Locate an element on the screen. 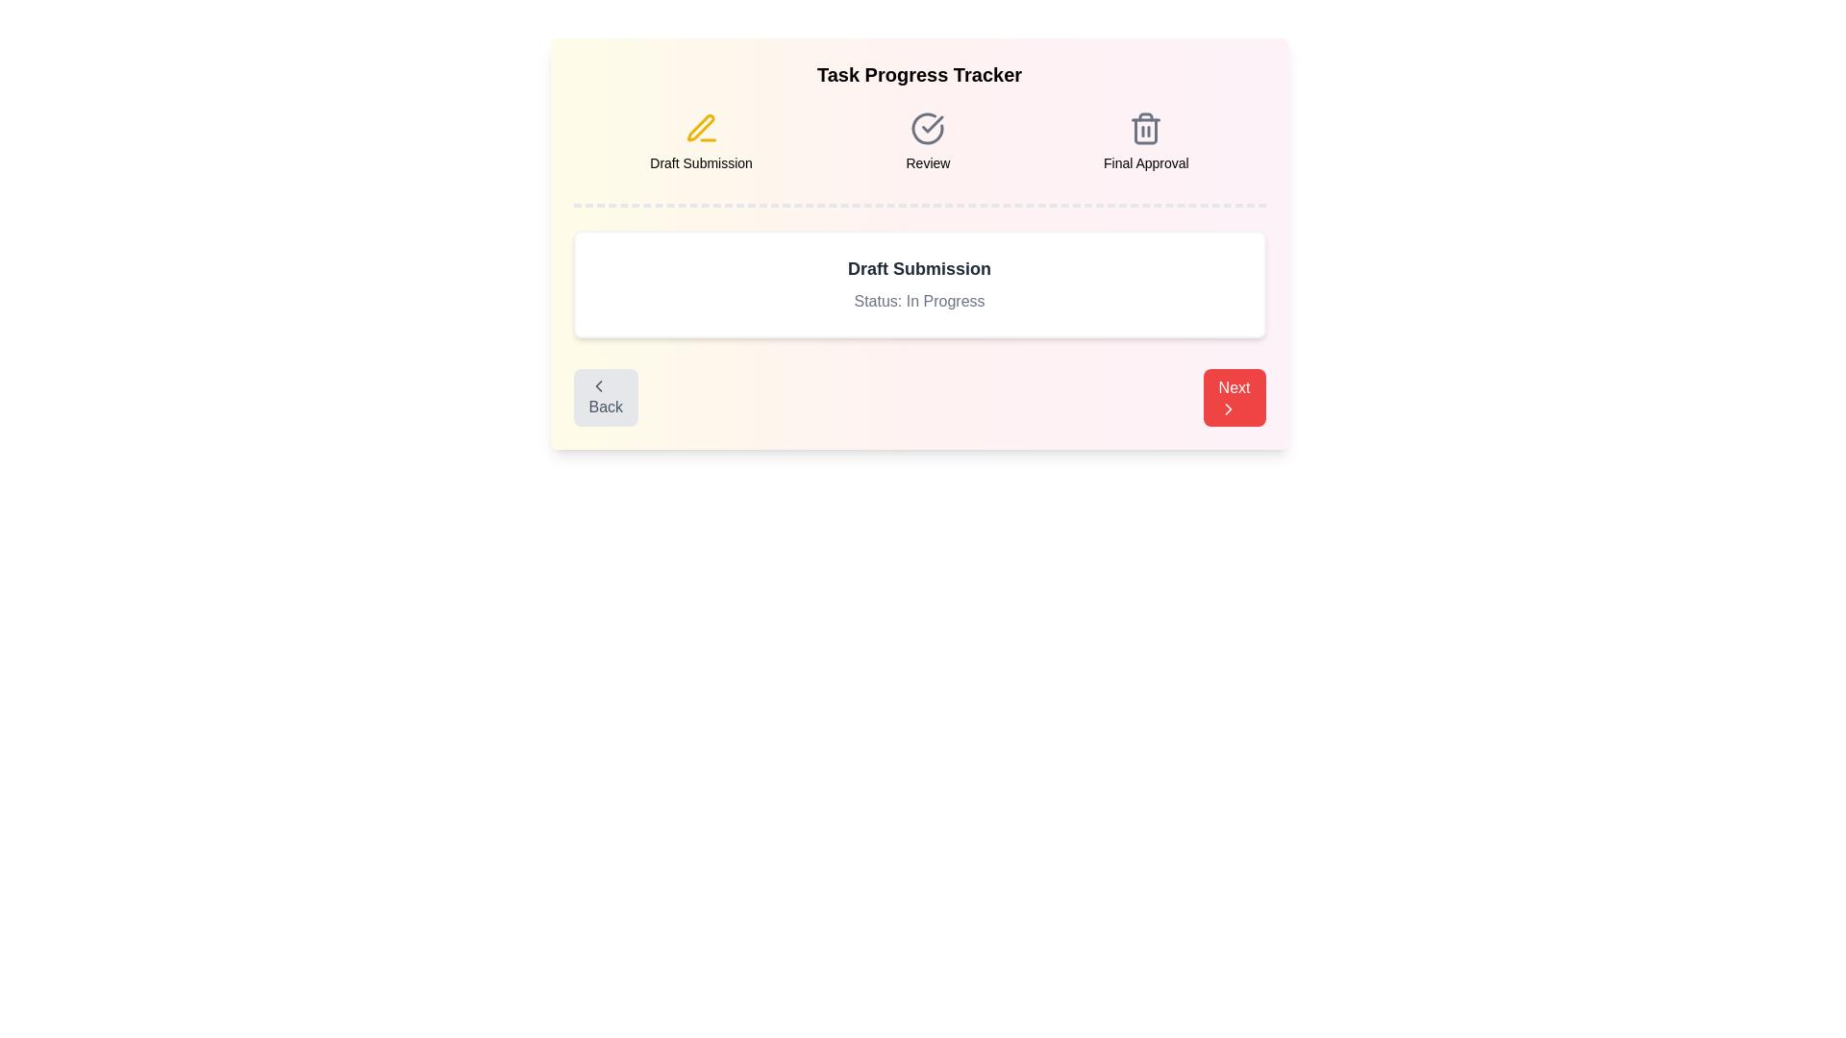 The height and width of the screenshot is (1038, 1846). the task icon for Final Approval to reveal additional information is located at coordinates (1146, 129).